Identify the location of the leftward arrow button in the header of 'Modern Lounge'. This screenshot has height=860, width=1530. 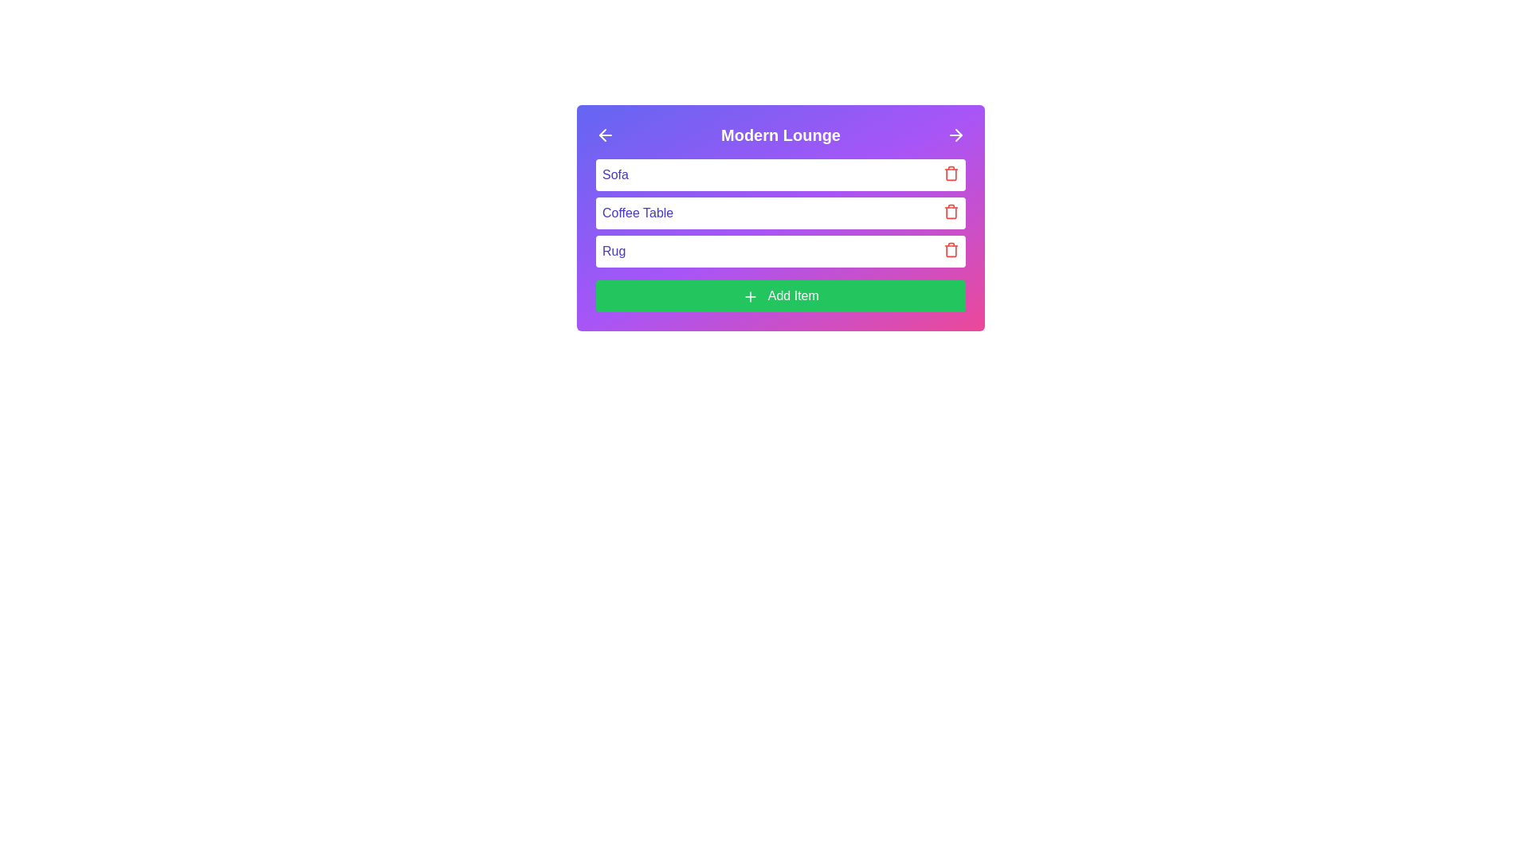
(604, 134).